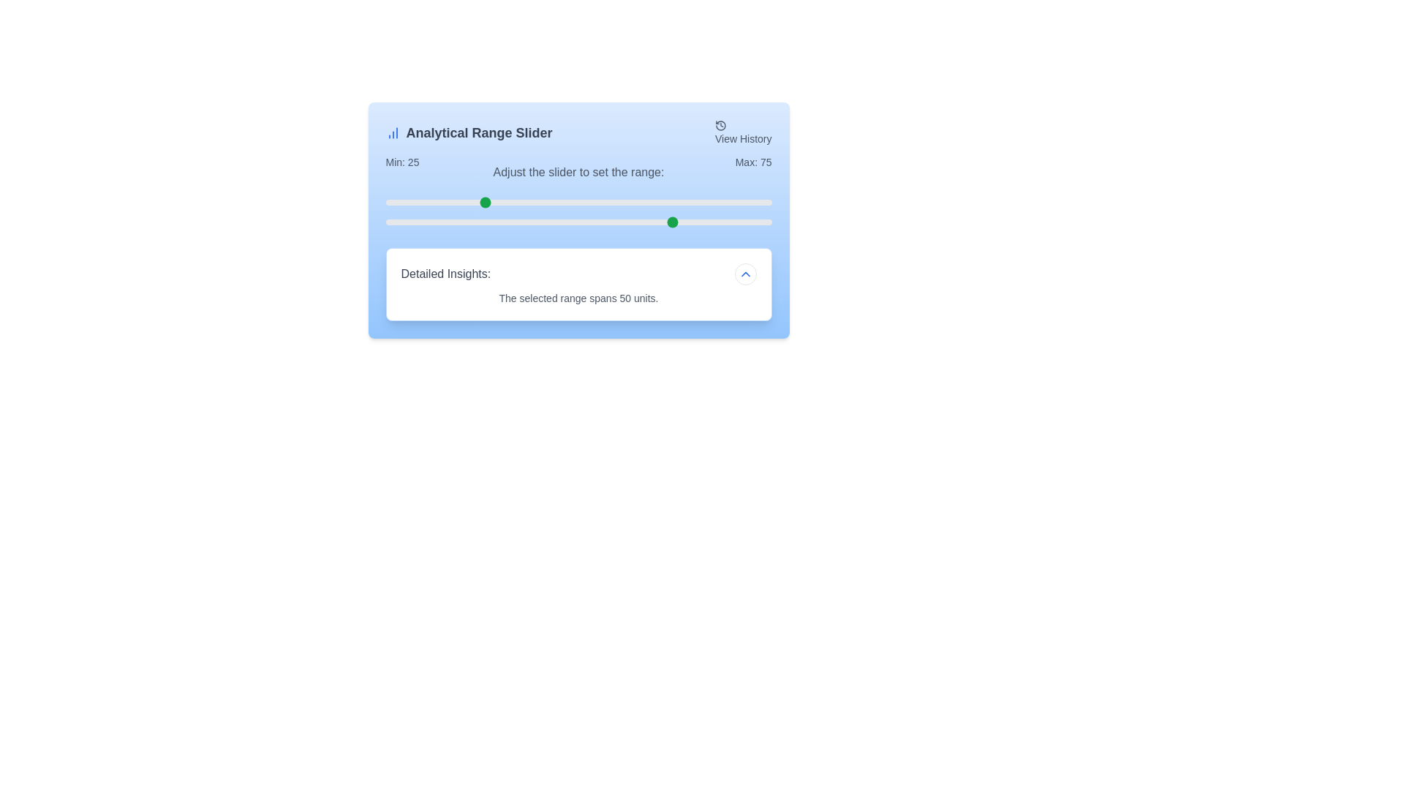  I want to click on the minimum range slider to 52, so click(586, 203).